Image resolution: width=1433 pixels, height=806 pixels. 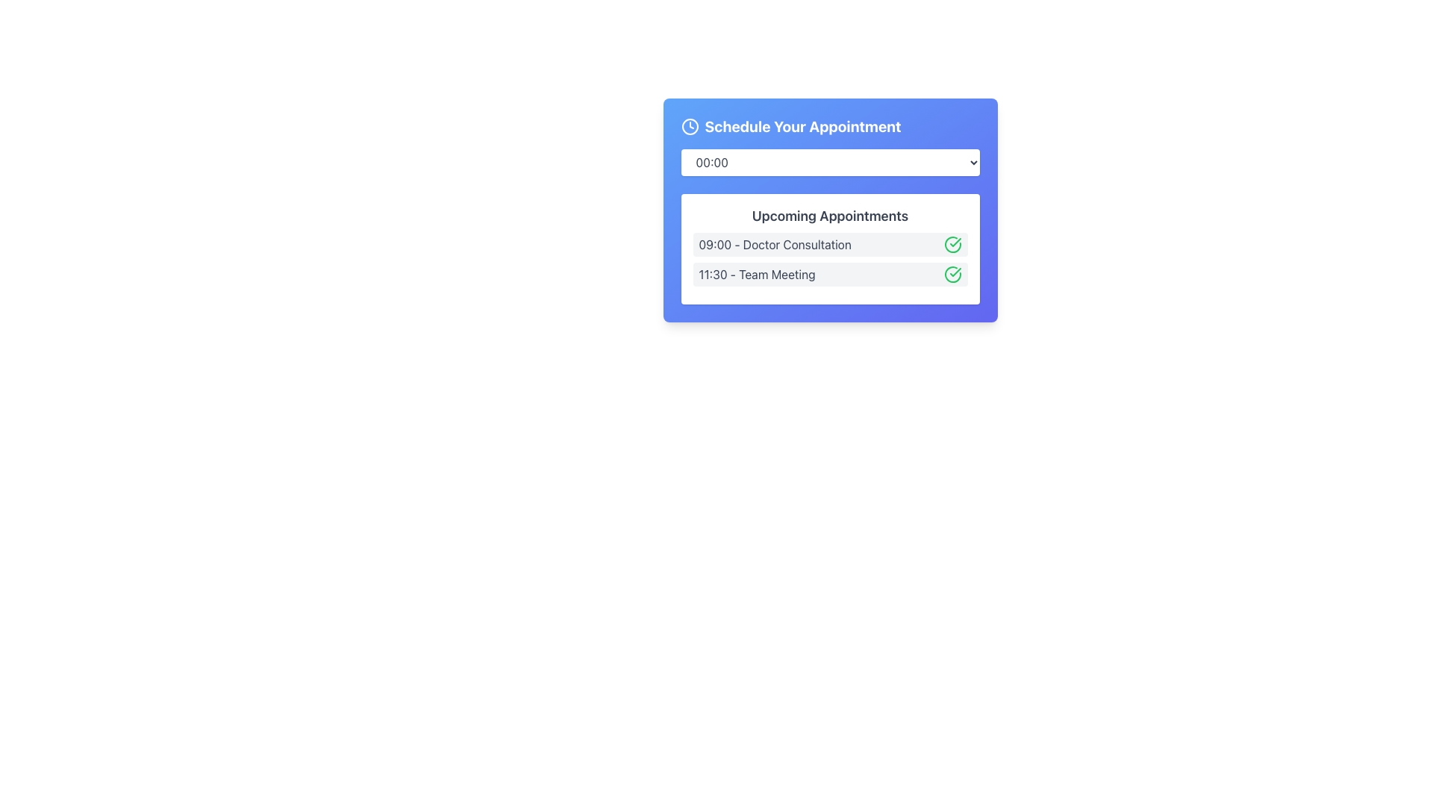 What do you see at coordinates (757, 274) in the screenshot?
I see `text from the second entry in the 'Upcoming Appointments' list, which displays '11:30 - Team Meeting' in black font` at bounding box center [757, 274].